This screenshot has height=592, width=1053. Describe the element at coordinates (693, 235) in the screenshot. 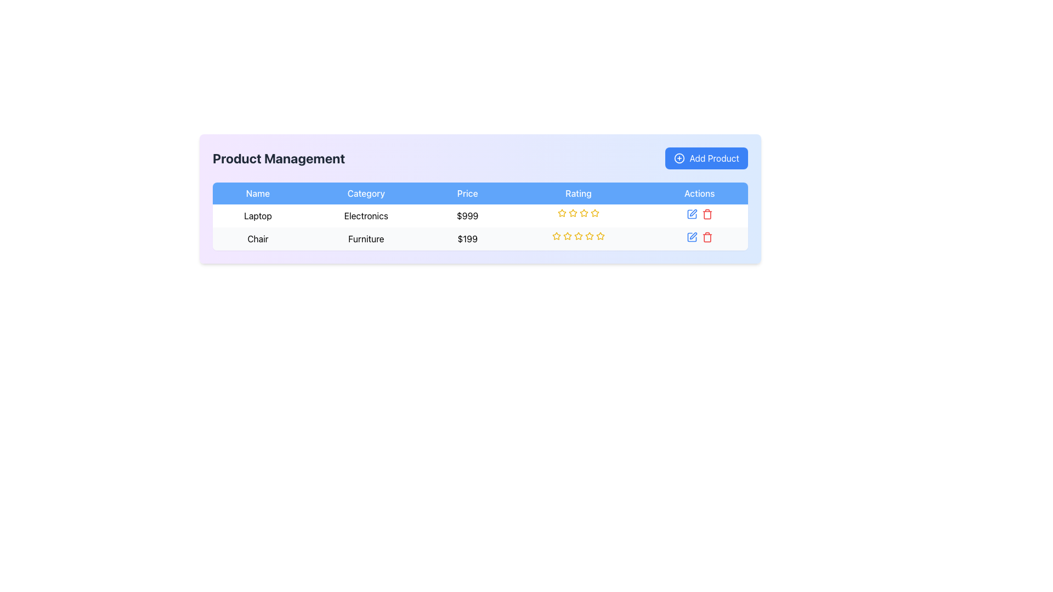

I see `the edit icon button located in the 'Actions' column of the second row of the table` at that location.